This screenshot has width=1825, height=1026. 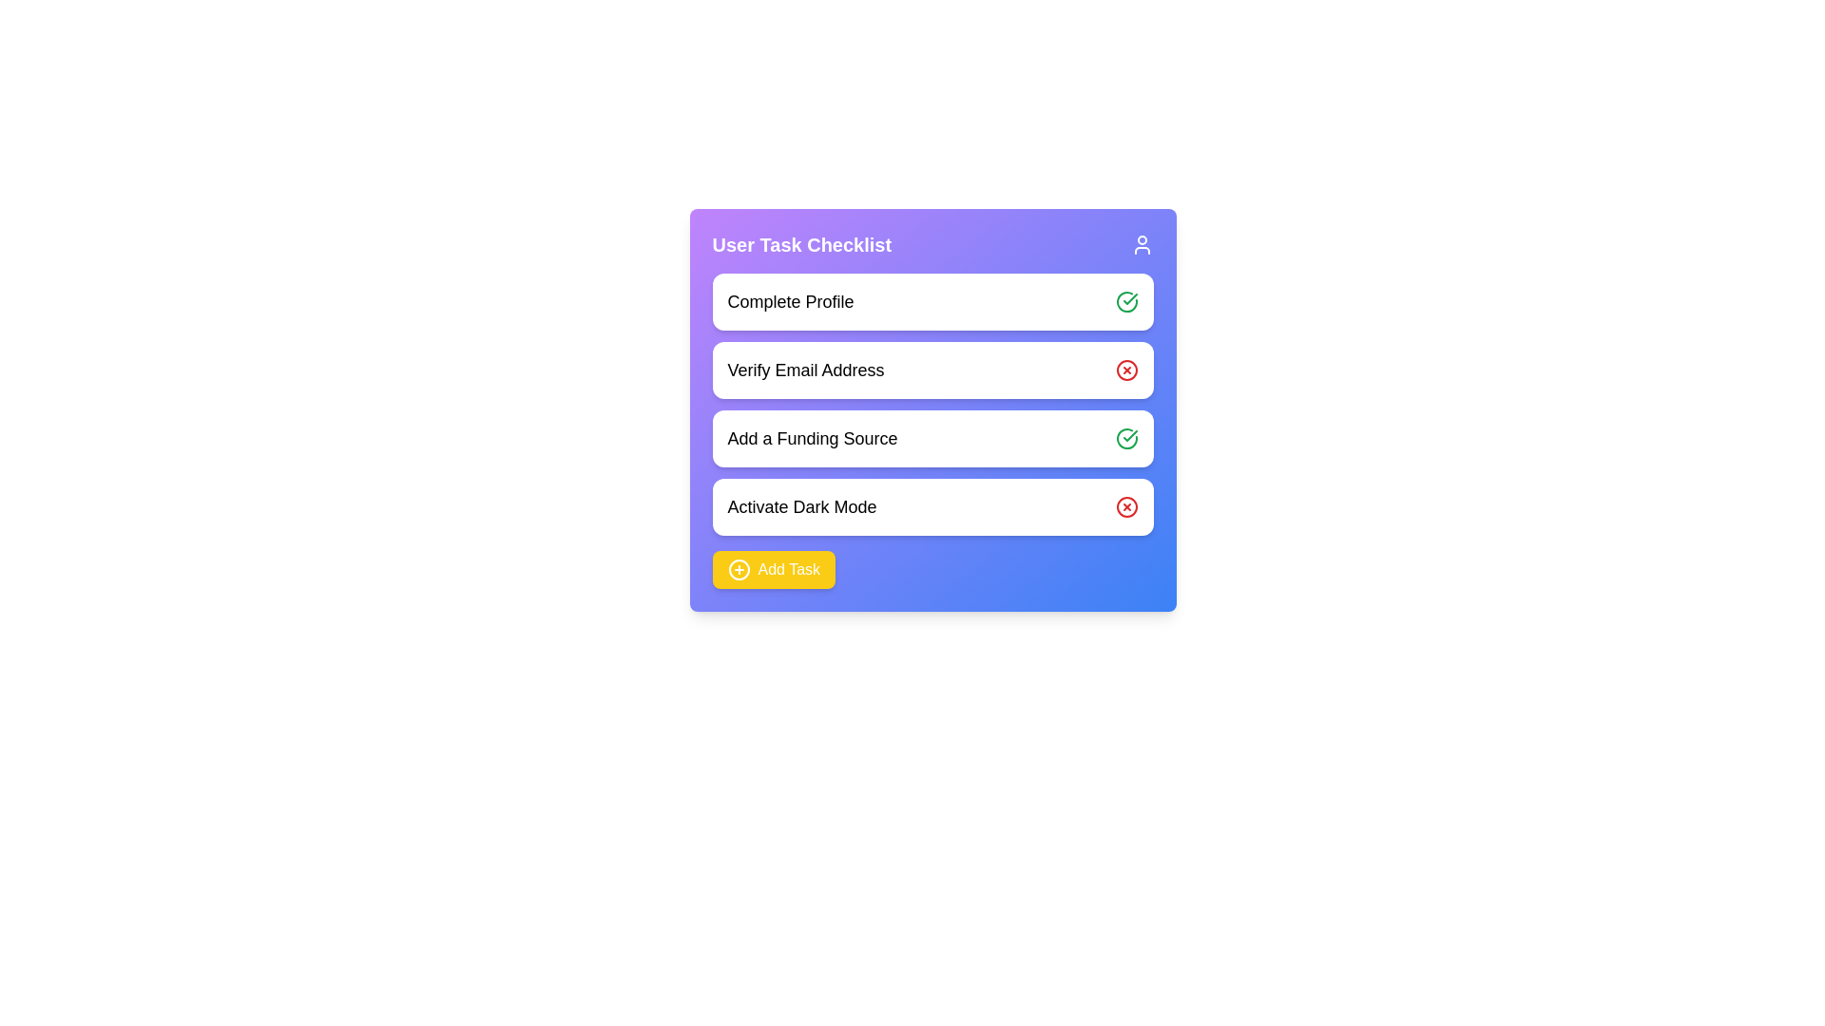 I want to click on text 'Activate Dark Mode' from the left-aligned label in the last checklist item of the vertically stacked task list, so click(x=802, y=505).